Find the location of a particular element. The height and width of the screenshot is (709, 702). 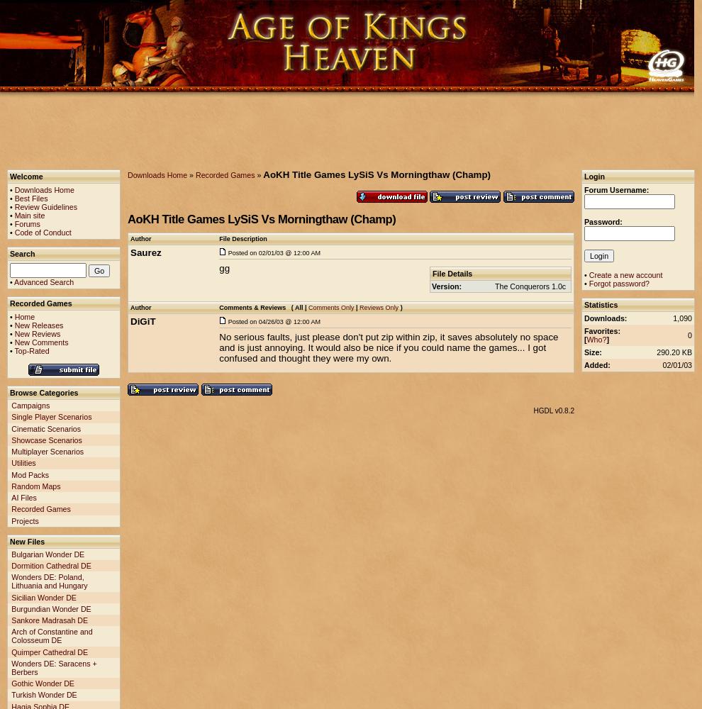

'0' is located at coordinates (689, 335).